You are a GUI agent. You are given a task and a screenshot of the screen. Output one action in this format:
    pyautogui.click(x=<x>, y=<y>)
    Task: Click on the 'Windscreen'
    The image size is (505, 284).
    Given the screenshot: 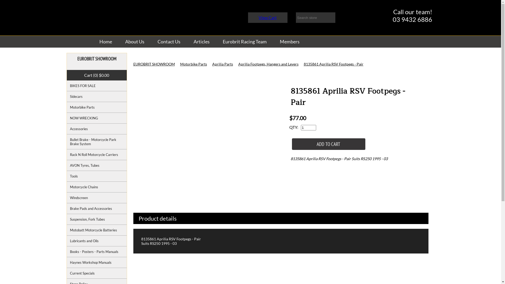 What is the action you would take?
    pyautogui.click(x=67, y=198)
    